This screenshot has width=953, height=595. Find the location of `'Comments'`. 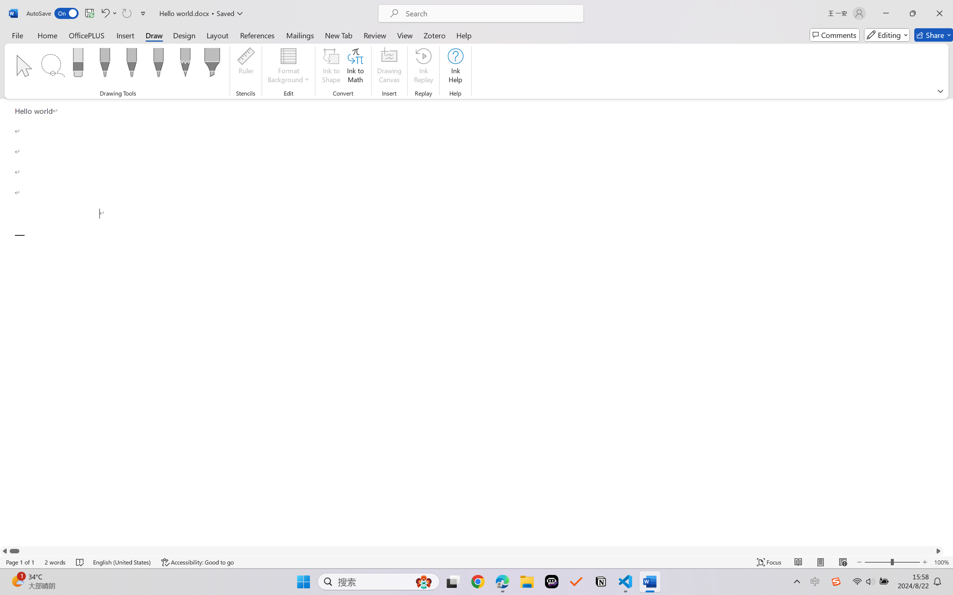

'Comments' is located at coordinates (834, 35).